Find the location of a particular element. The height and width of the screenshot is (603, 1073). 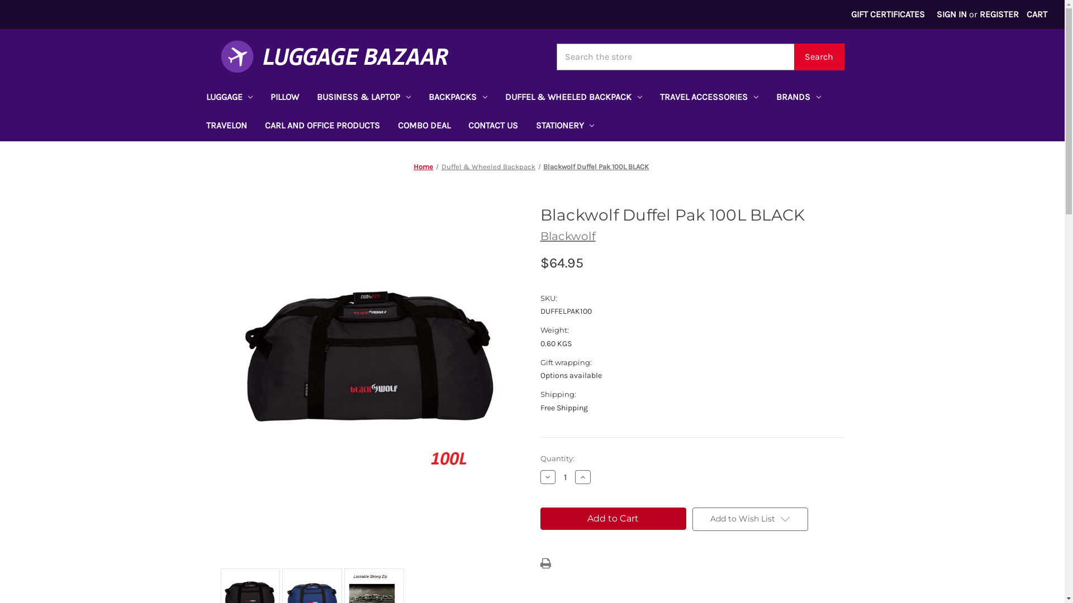

'DUFFEL & WHEELED BACKPACK' is located at coordinates (496, 98).